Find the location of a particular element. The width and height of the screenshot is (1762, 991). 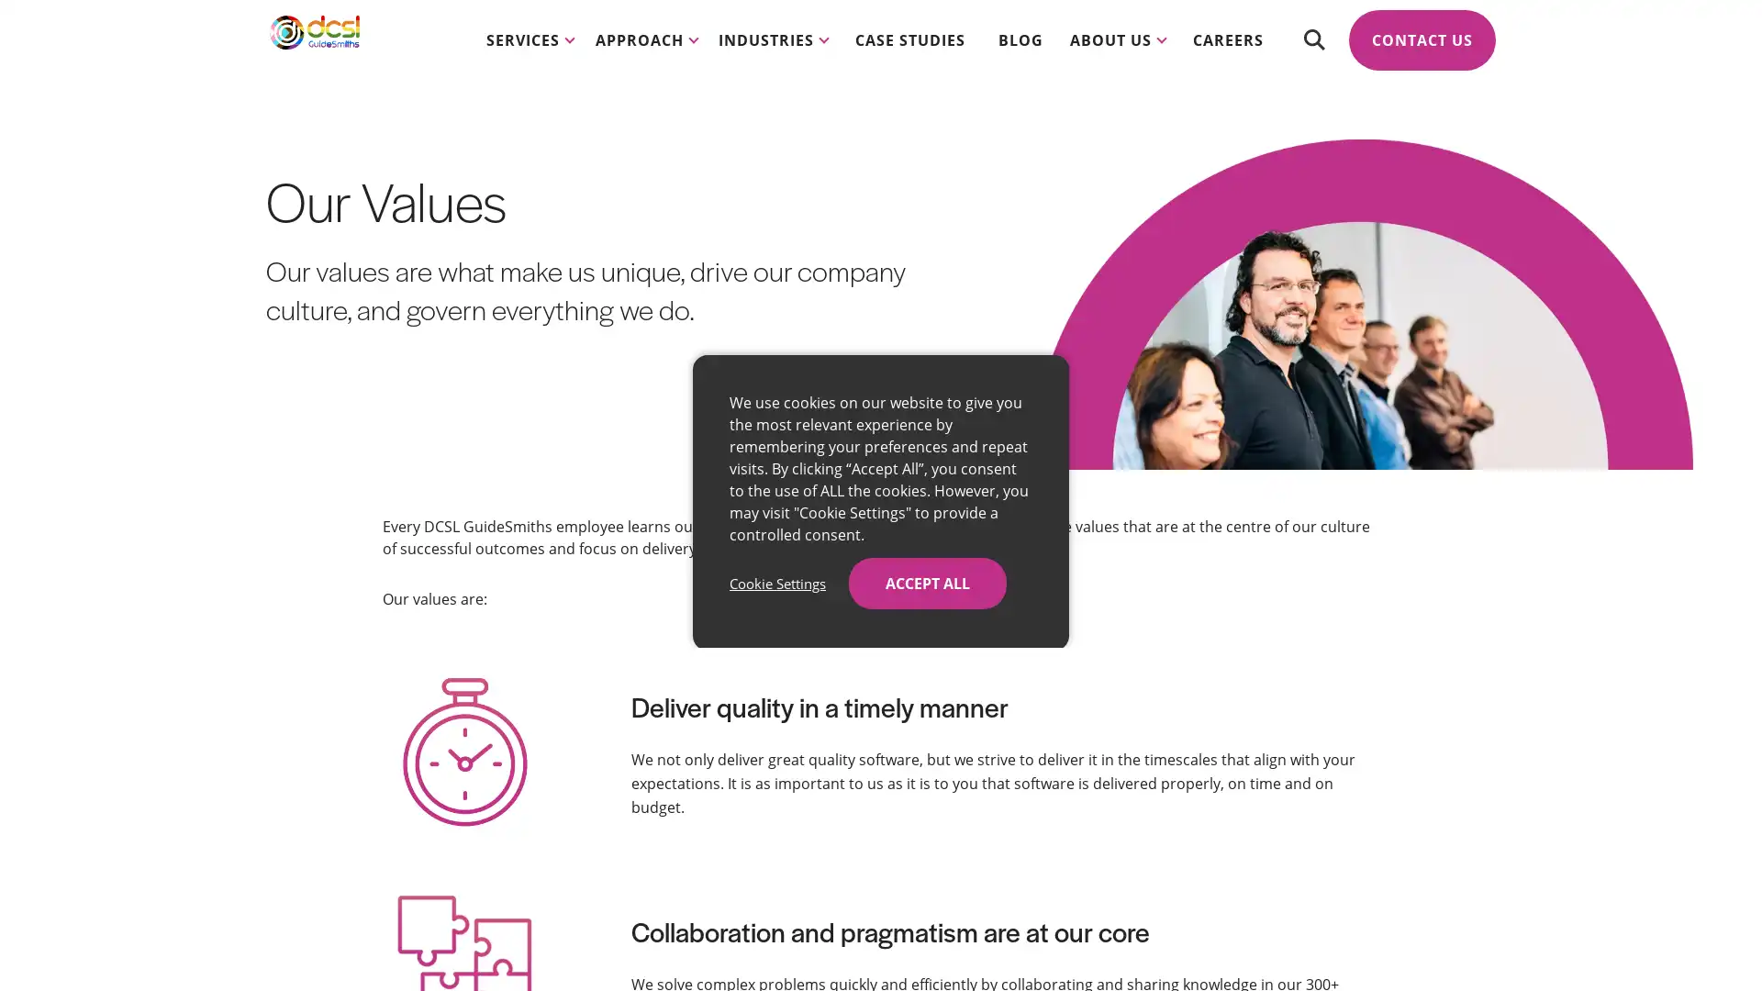

Search is located at coordinates (1312, 55).